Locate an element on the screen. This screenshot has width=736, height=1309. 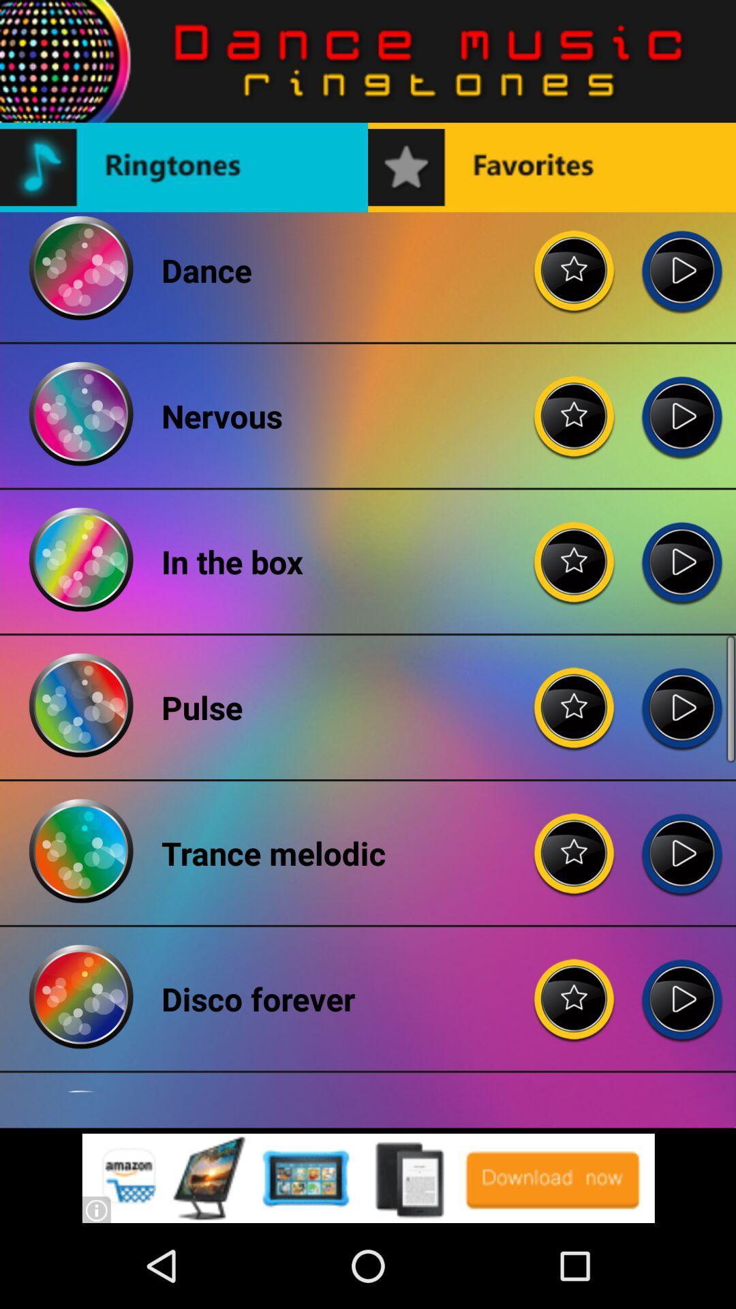
favorite is located at coordinates (574, 260).